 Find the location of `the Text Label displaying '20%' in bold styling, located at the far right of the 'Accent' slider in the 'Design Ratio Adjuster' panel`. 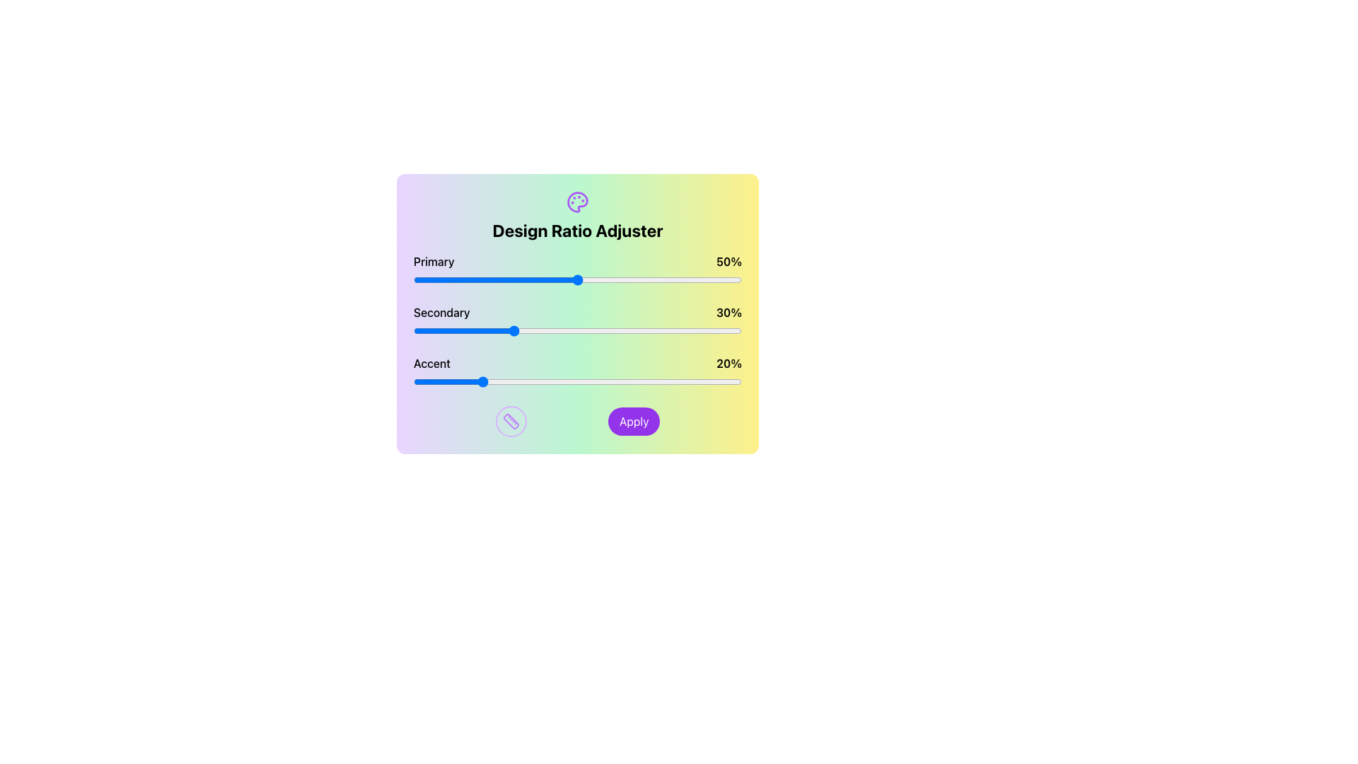

the Text Label displaying '20%' in bold styling, located at the far right of the 'Accent' slider in the 'Design Ratio Adjuster' panel is located at coordinates (729, 362).